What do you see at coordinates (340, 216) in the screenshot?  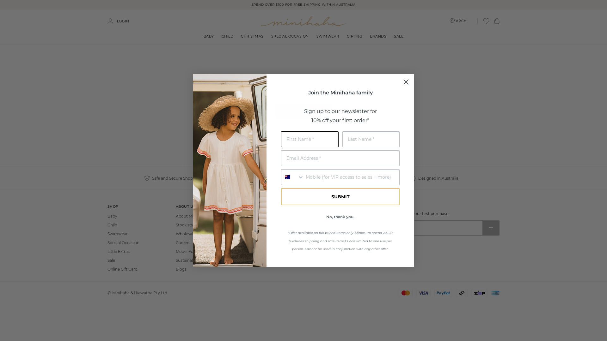 I see `'No, thank you.'` at bounding box center [340, 216].